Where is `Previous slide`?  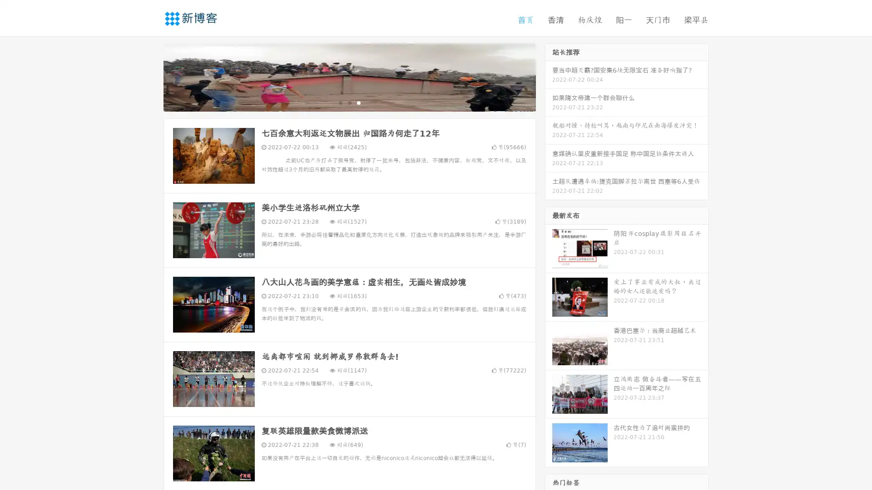 Previous slide is located at coordinates (150, 76).